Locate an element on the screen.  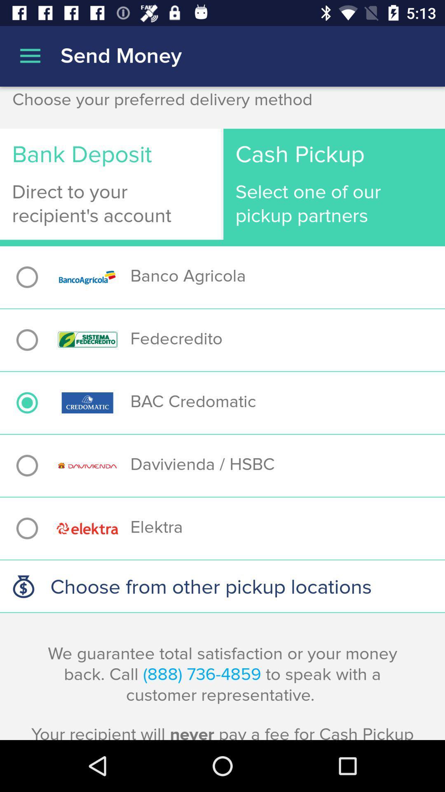
the choose from other is located at coordinates (222, 586).